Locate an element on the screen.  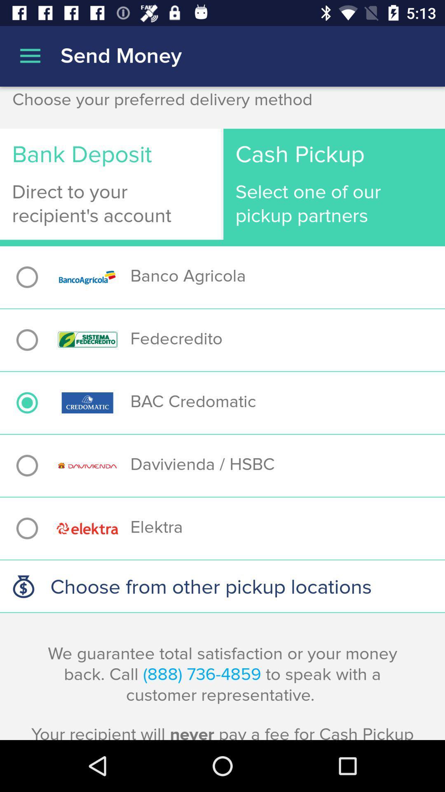
the choose from other is located at coordinates (222, 586).